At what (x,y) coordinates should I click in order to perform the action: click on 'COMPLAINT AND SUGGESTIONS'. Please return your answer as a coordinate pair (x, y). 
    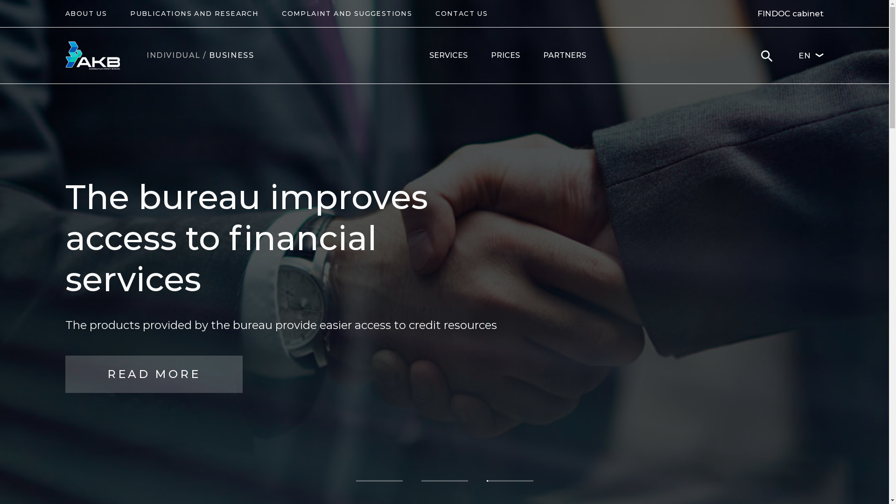
    Looking at the image, I should click on (346, 13).